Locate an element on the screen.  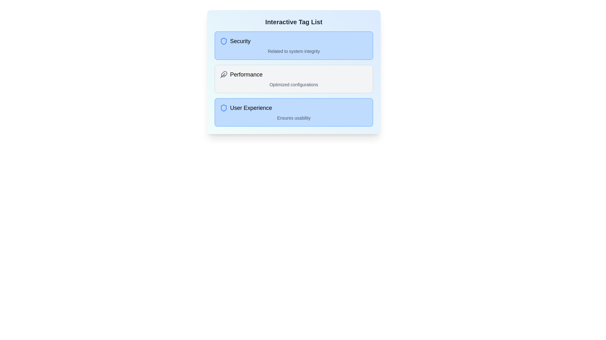
the tag by clicking on its icon, identified by the tag name Security is located at coordinates (224, 41).